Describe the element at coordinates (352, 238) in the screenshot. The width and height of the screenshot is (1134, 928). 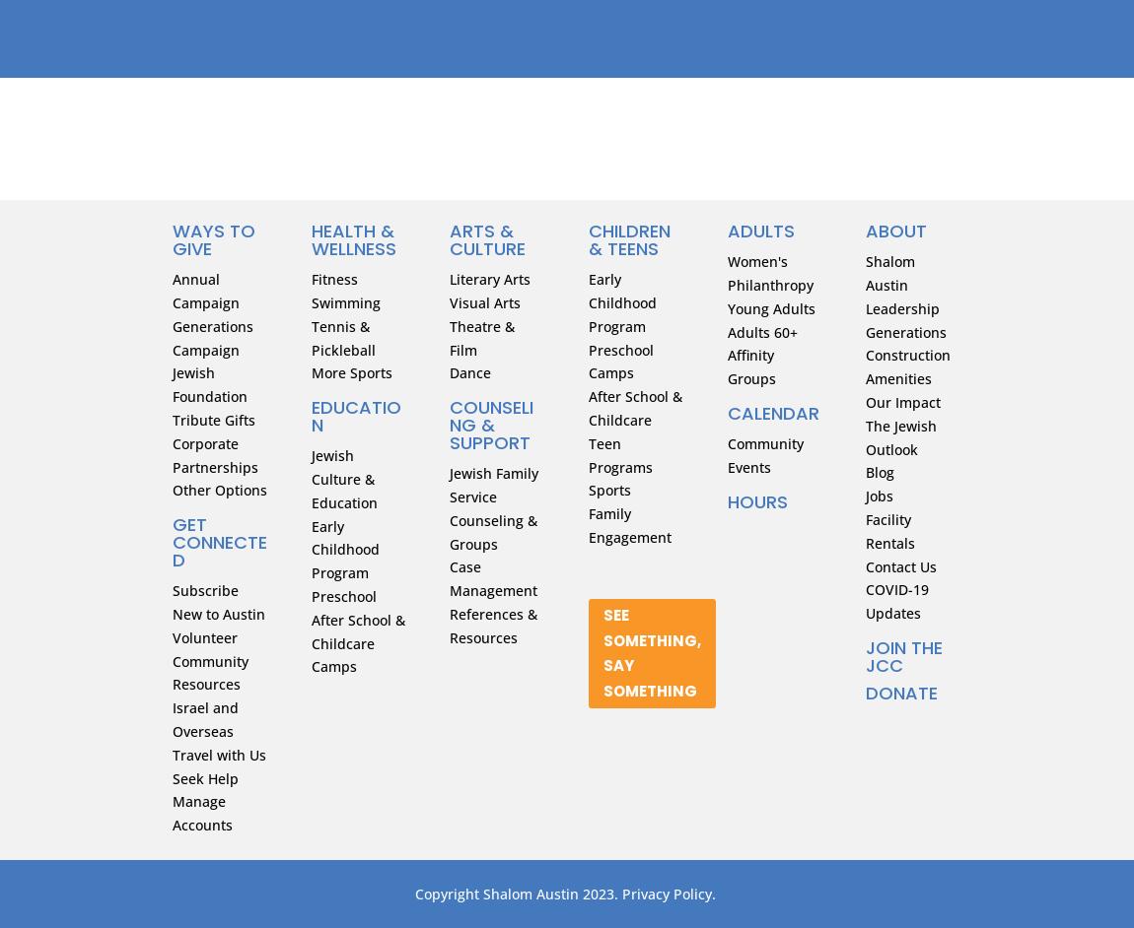
I see `'HEALTH & WELLNESS'` at that location.